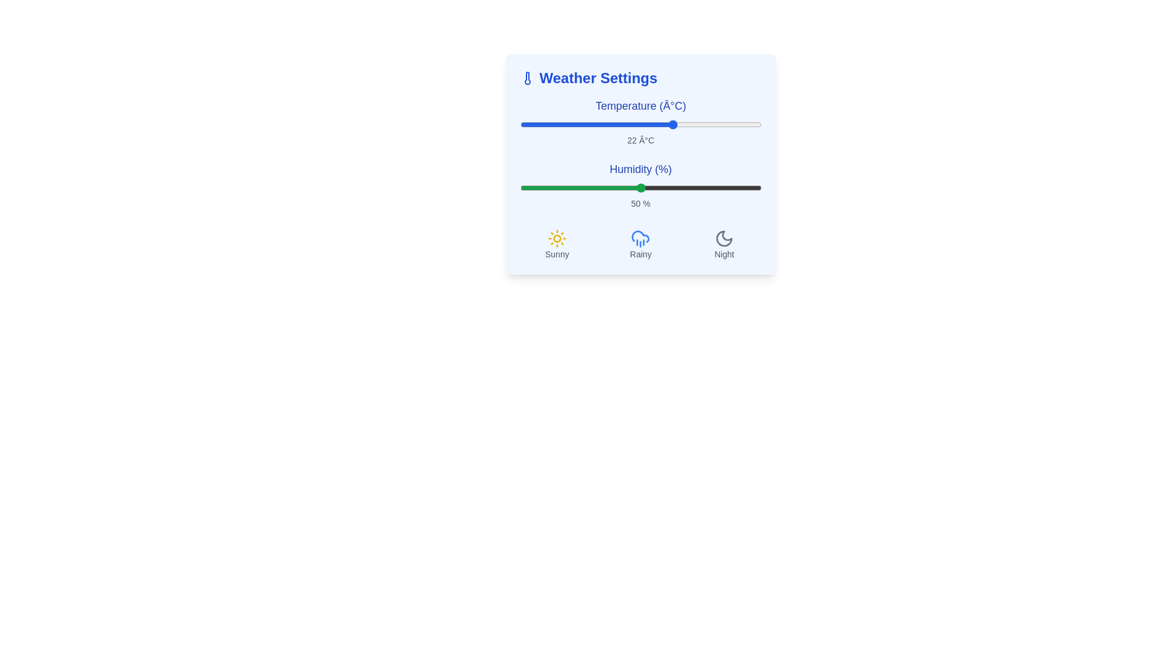 This screenshot has height=651, width=1158. Describe the element at coordinates (724, 239) in the screenshot. I see `the nighttime icon in the weather settings interface` at that location.